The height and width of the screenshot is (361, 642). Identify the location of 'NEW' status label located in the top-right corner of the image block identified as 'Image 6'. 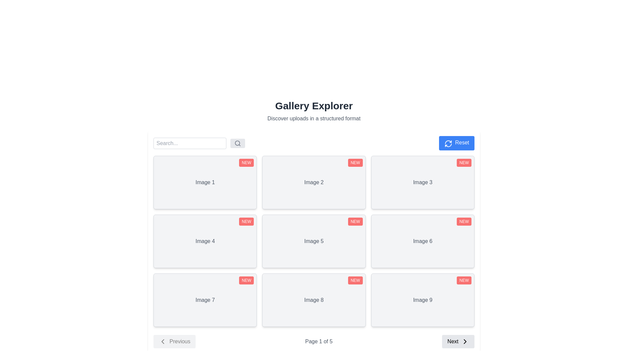
(463, 222).